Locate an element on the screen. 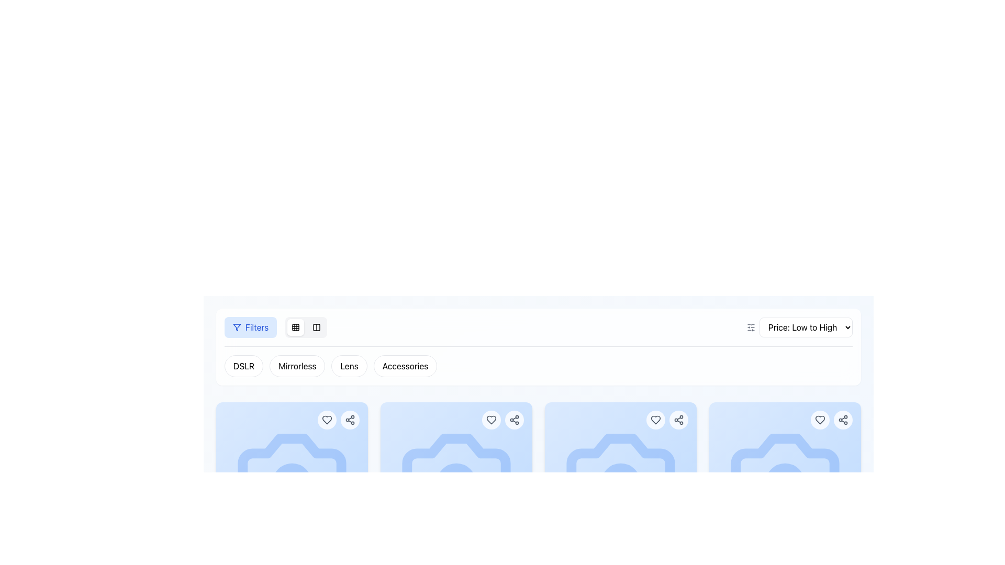 Image resolution: width=1005 pixels, height=565 pixels. the triangular filter-shaped icon located to the left of the 'Filters' button label in the button group on the control panel is located at coordinates (236, 326).